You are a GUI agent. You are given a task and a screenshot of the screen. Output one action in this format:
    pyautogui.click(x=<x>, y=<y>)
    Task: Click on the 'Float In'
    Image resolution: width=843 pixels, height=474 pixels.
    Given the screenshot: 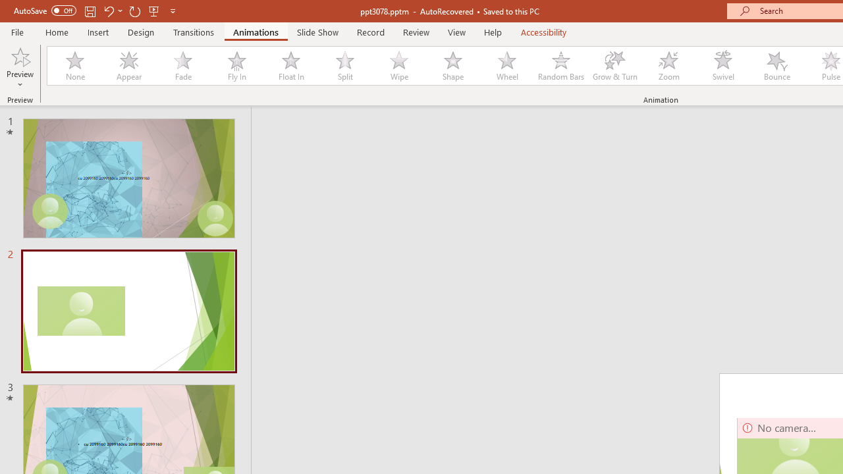 What is the action you would take?
    pyautogui.click(x=290, y=66)
    